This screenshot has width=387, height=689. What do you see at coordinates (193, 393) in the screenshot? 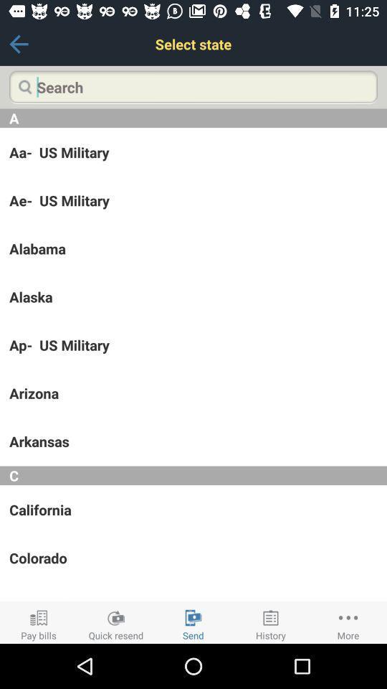
I see `icon above the arkansas` at bounding box center [193, 393].